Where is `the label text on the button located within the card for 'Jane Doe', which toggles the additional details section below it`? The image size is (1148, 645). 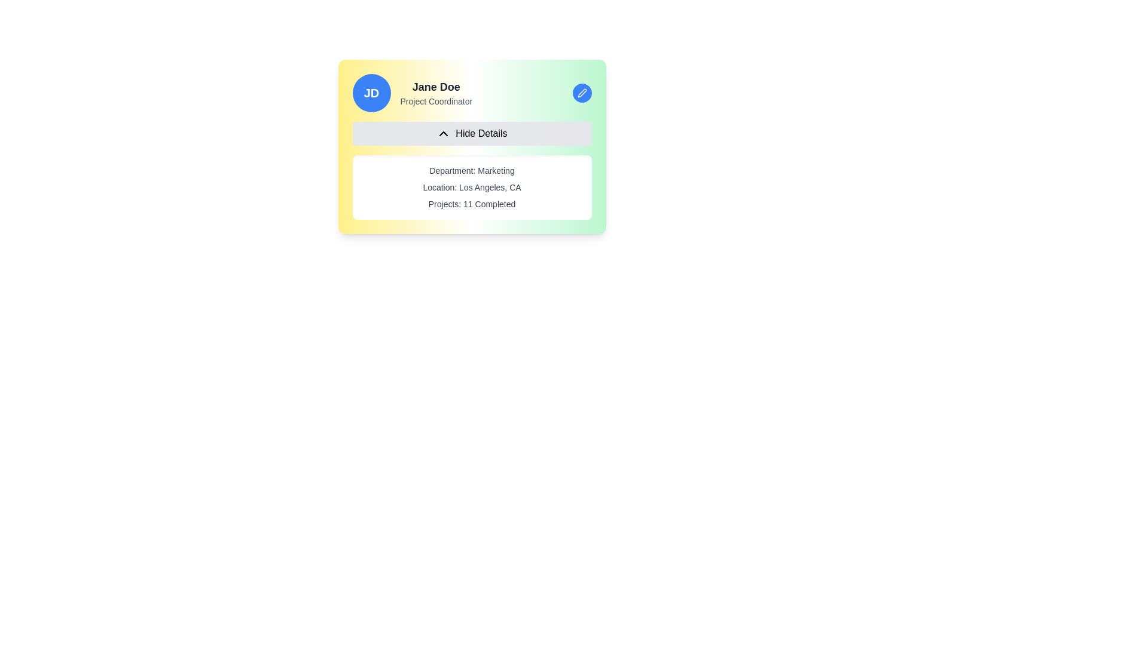
the label text on the button located within the card for 'Jane Doe', which toggles the additional details section below it is located at coordinates (481, 133).